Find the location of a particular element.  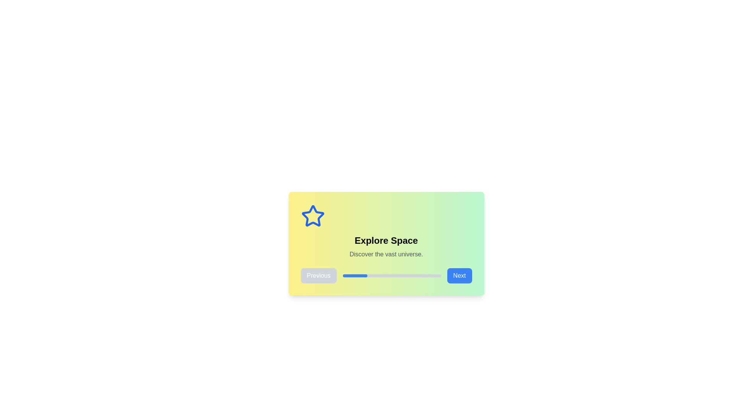

the icon and title of the current step is located at coordinates (386, 241).